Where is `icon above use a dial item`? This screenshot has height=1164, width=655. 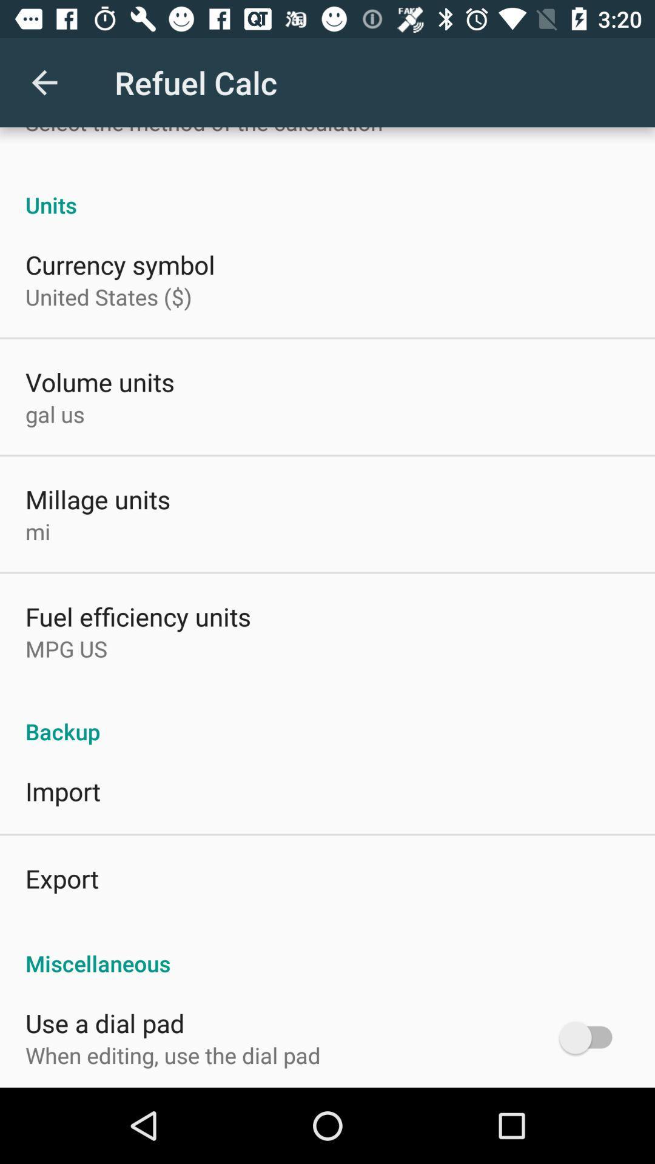
icon above use a dial item is located at coordinates (327, 950).